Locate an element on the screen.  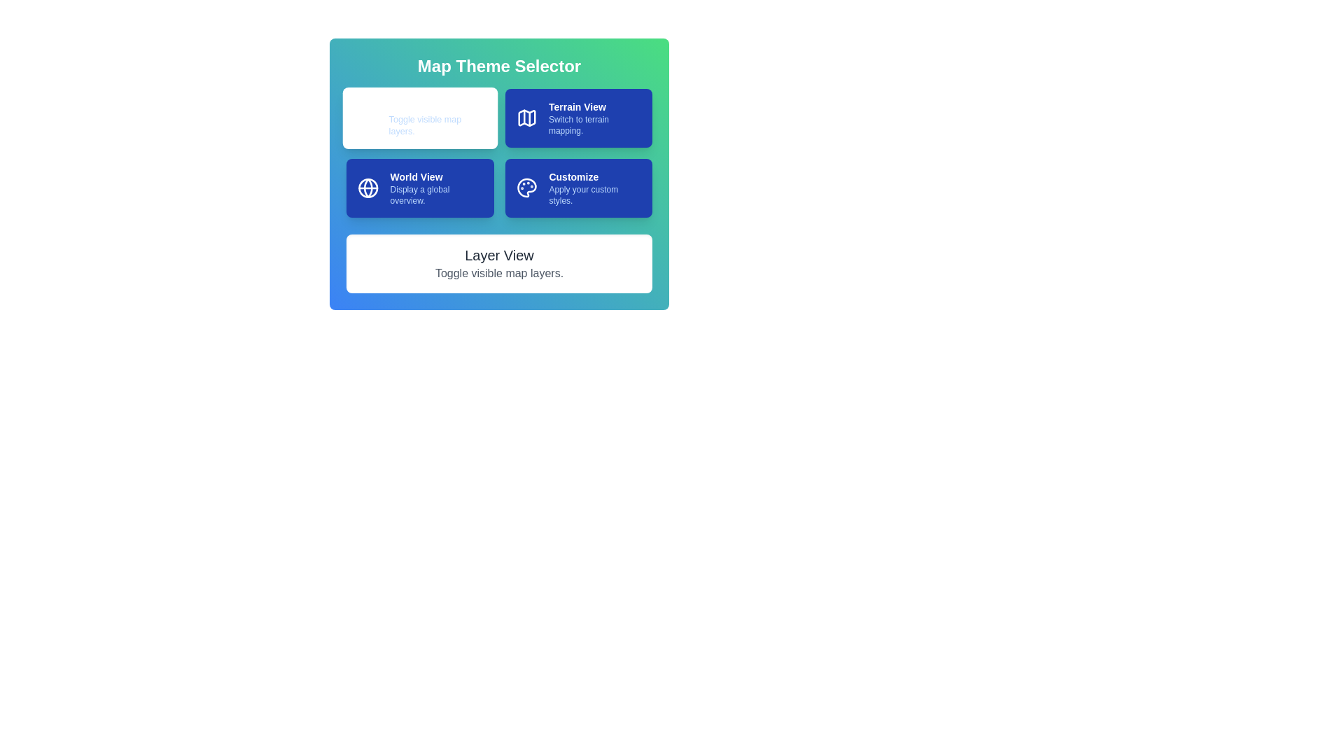
the secondary label that explains the functionality of the 'Terrain View' option, located in the second cell of the grid in the 'Map Theme Selector' panel is located at coordinates (594, 124).